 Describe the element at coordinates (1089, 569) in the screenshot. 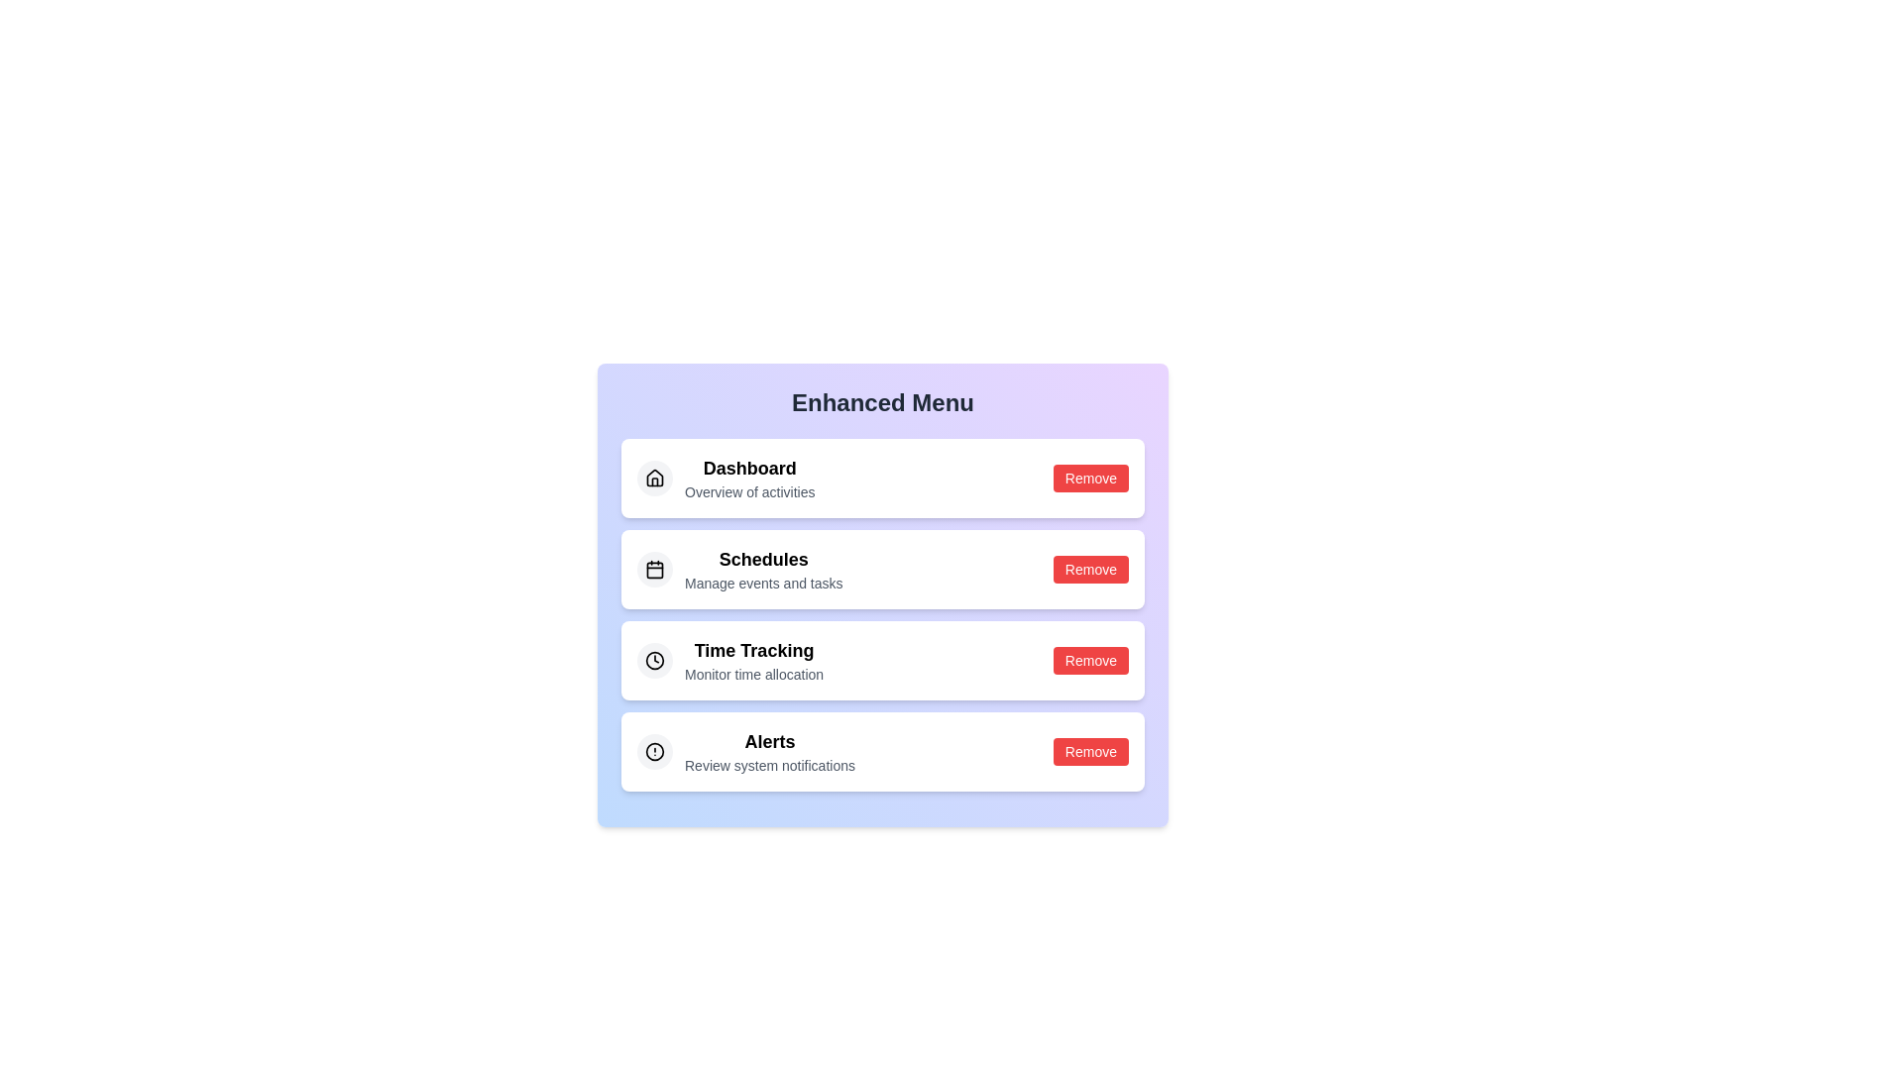

I see `the 'Remove' button for the item with title Schedules` at that location.